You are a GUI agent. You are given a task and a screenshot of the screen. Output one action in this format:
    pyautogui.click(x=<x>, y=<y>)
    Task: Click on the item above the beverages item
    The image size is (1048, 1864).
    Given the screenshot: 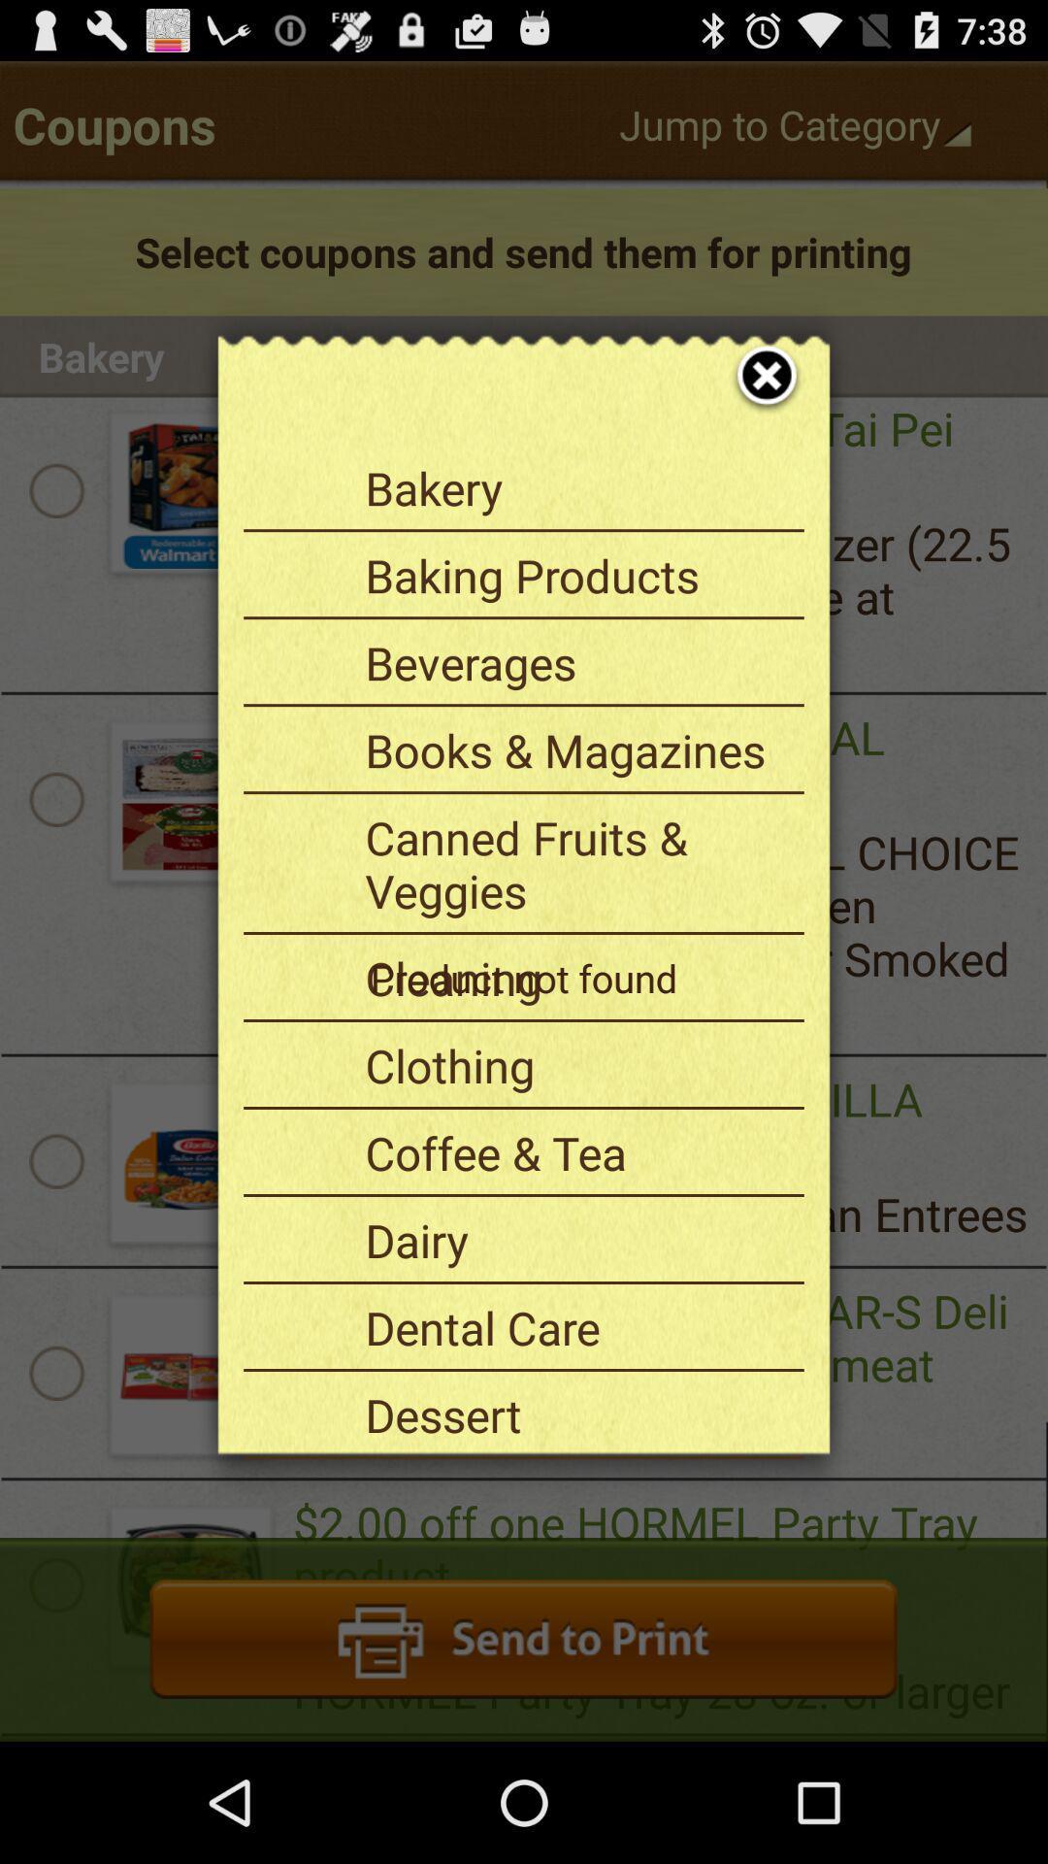 What is the action you would take?
    pyautogui.click(x=576, y=574)
    